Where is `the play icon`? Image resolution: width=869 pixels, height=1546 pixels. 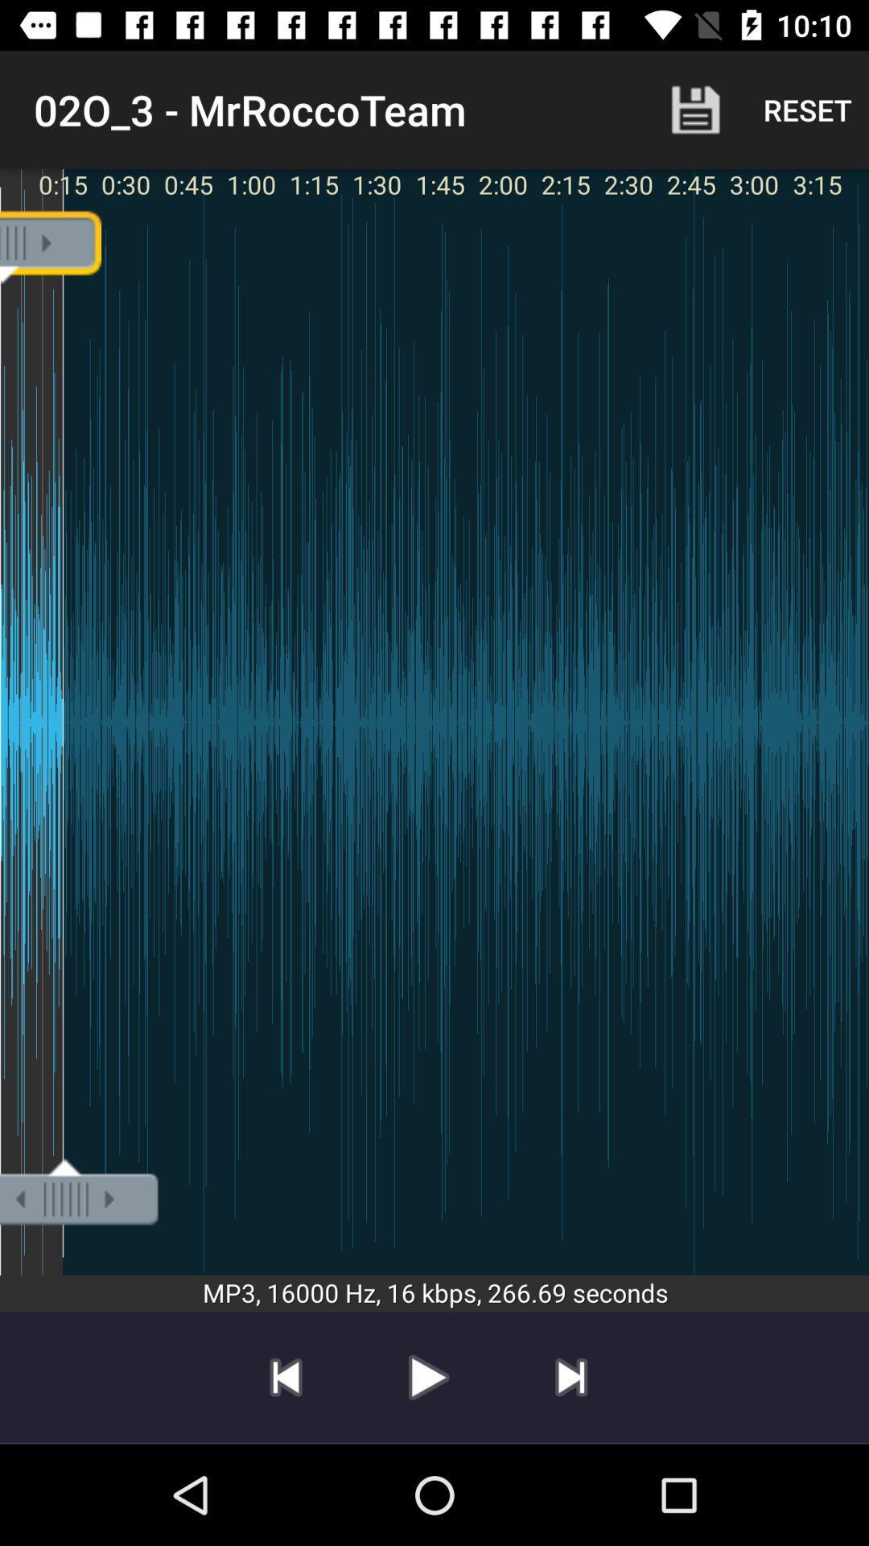
the play icon is located at coordinates (427, 1376).